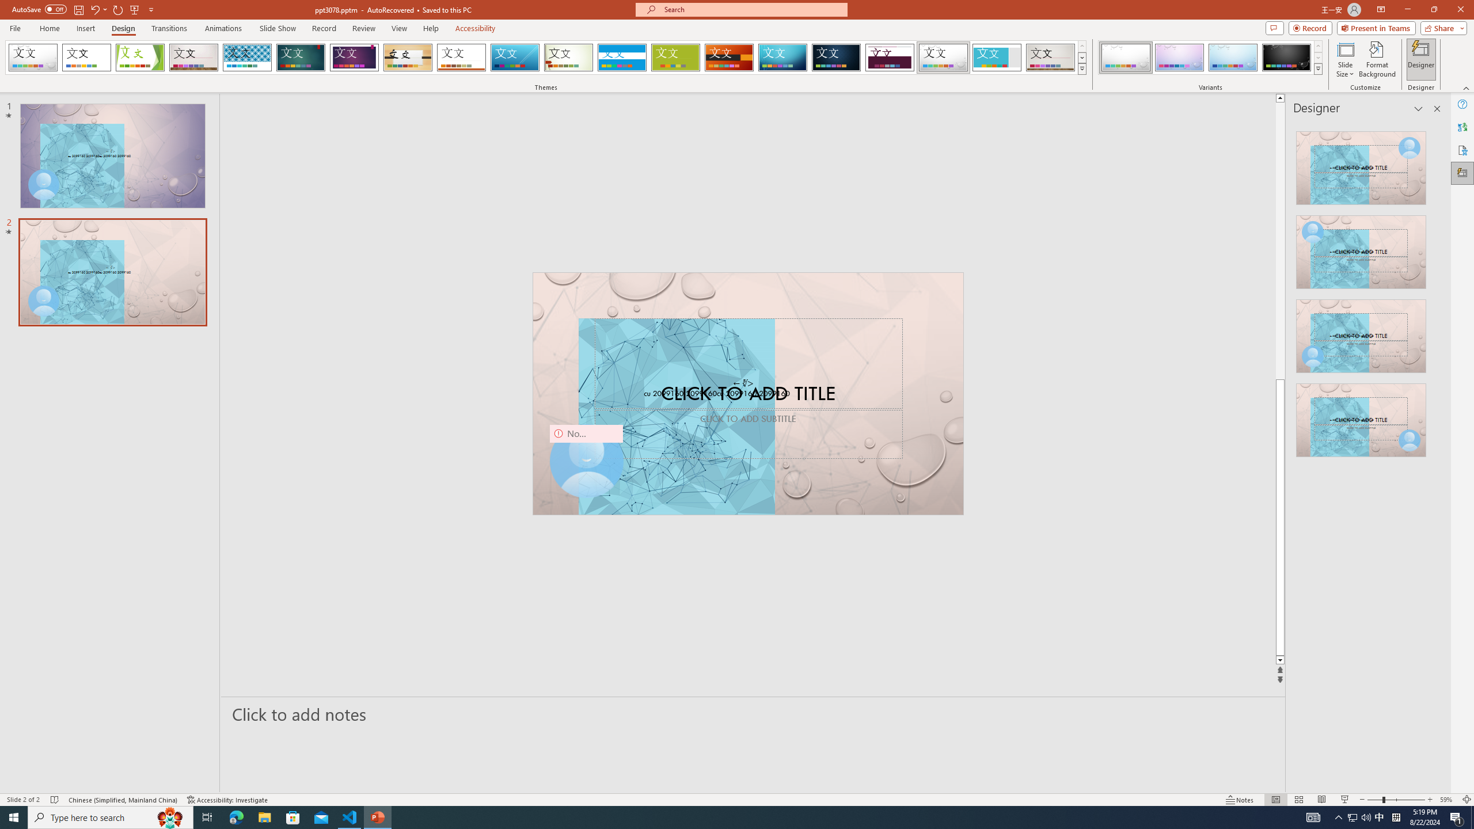 The image size is (1474, 829). I want to click on 'AutomationID: SlideThemesGallery', so click(545, 57).